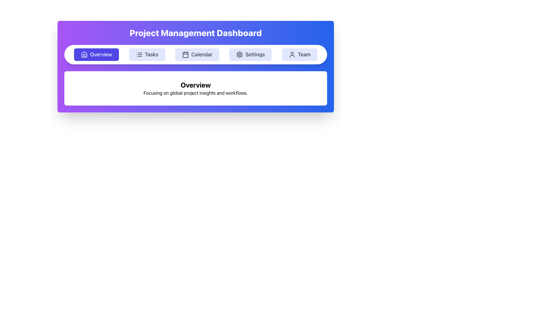 The height and width of the screenshot is (309, 549). Describe the element at coordinates (139, 55) in the screenshot. I see `the 'Tasks' icon which is visually indicating its function and is positioned adjacent to the 'Overview' button` at that location.